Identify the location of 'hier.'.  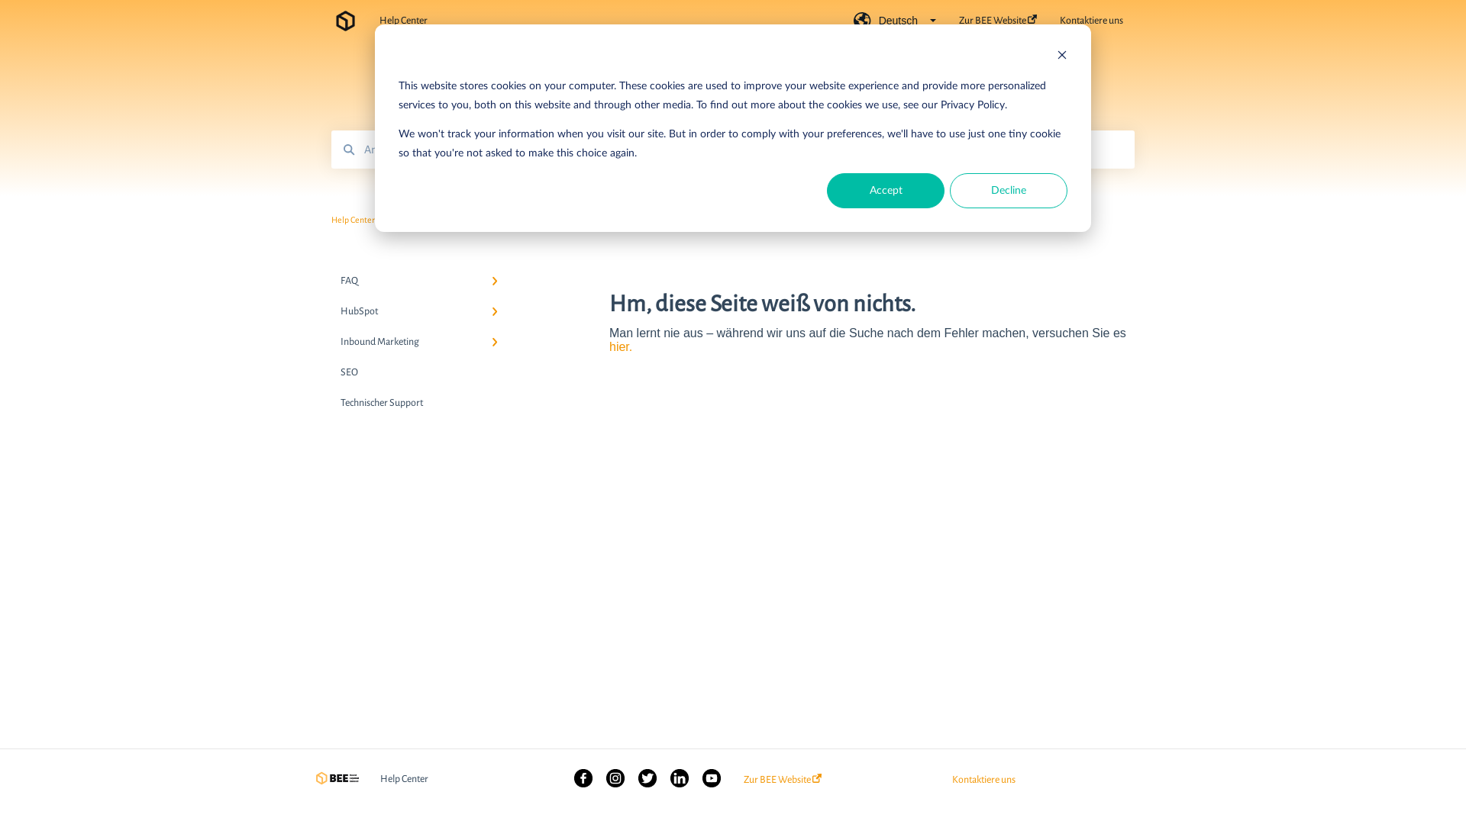
(620, 346).